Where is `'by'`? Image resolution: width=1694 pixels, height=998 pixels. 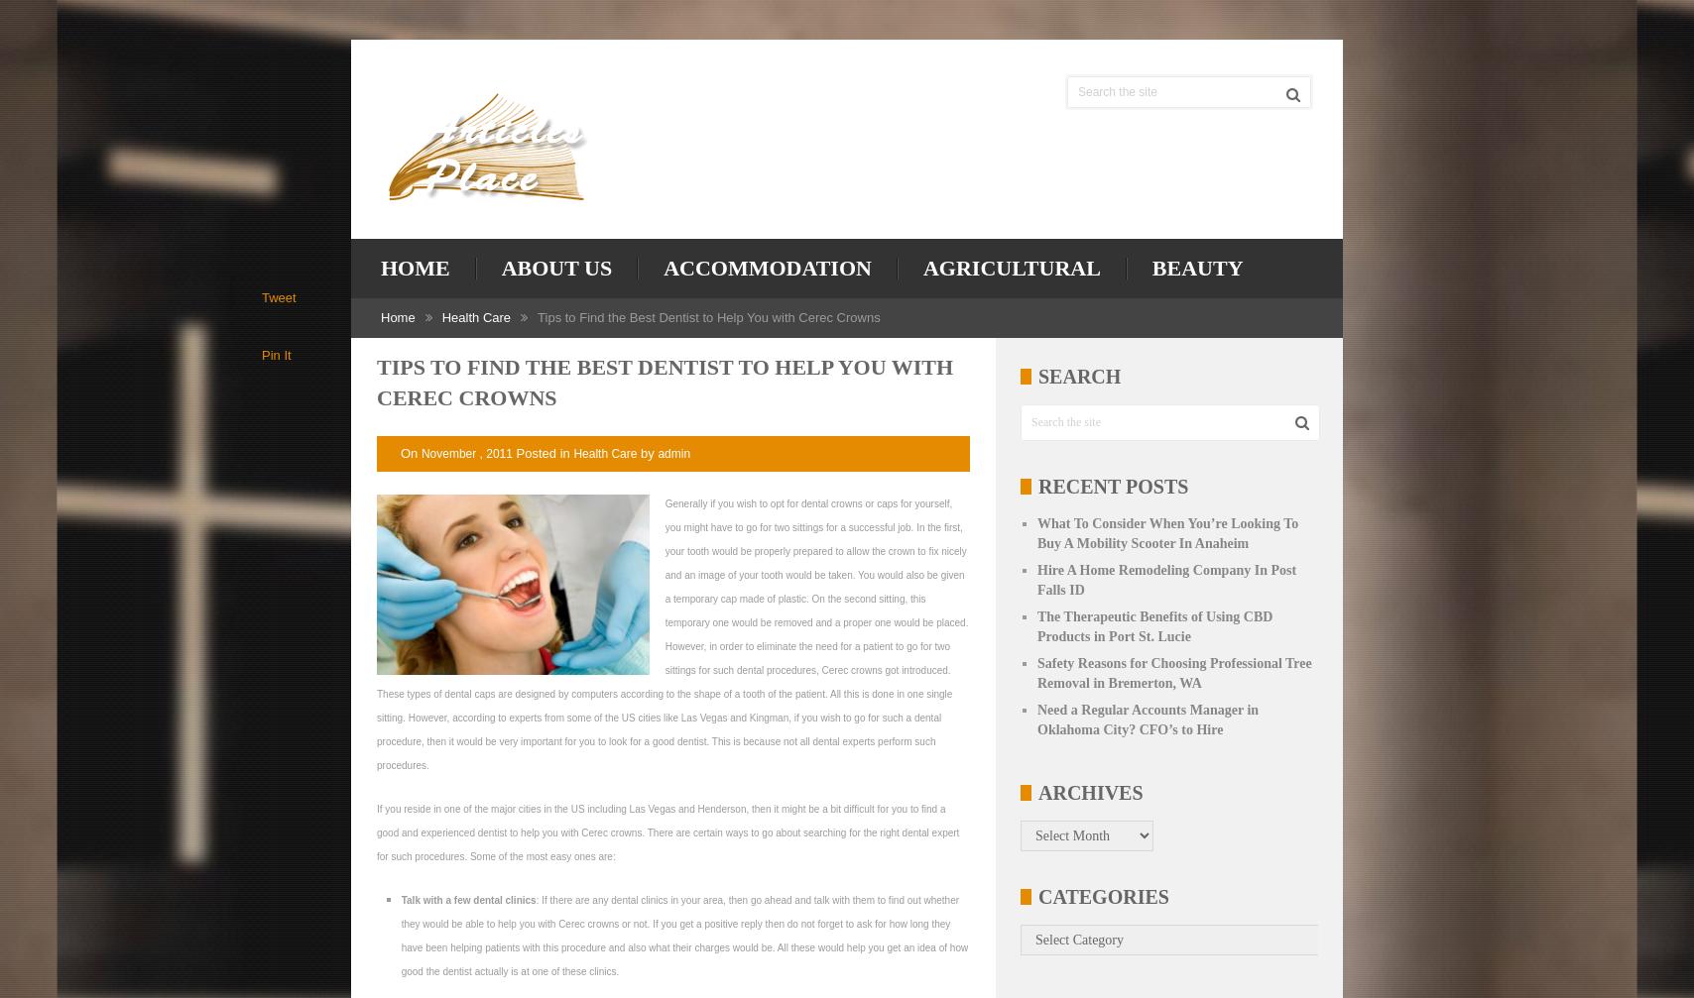
'by' is located at coordinates (647, 452).